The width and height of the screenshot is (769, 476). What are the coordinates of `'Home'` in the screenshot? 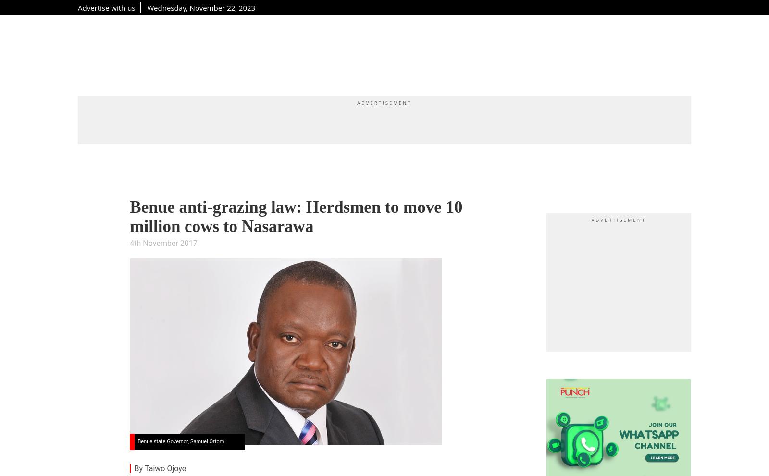 It's located at (77, 53).